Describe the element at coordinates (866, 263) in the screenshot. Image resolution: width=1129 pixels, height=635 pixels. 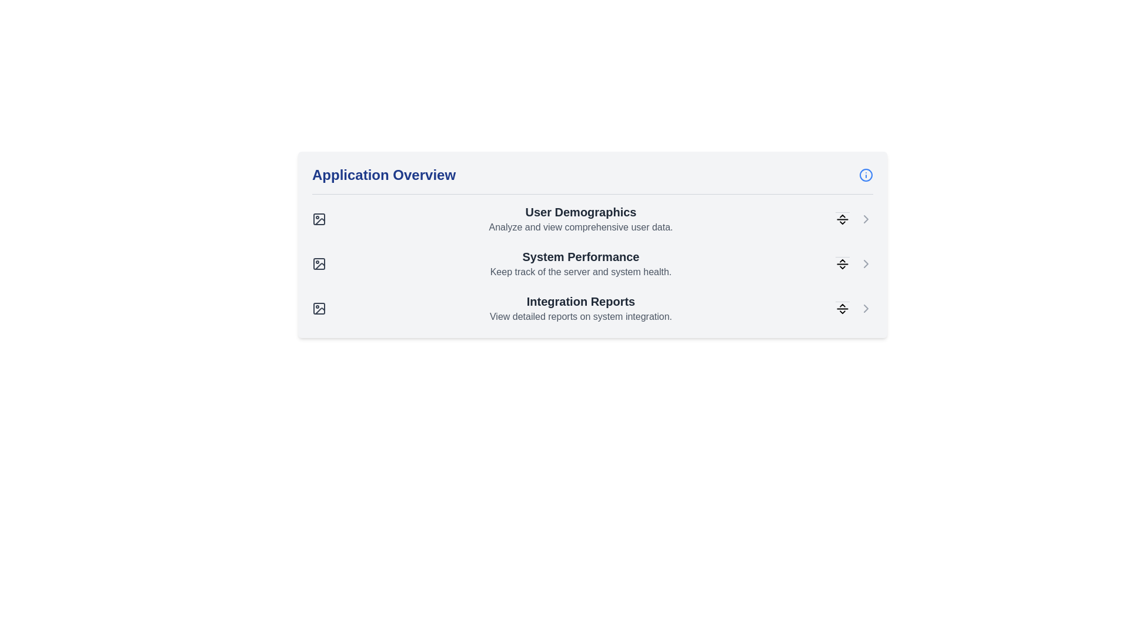
I see `the chevron button located to the far right of the 'System Performance' text` at that location.